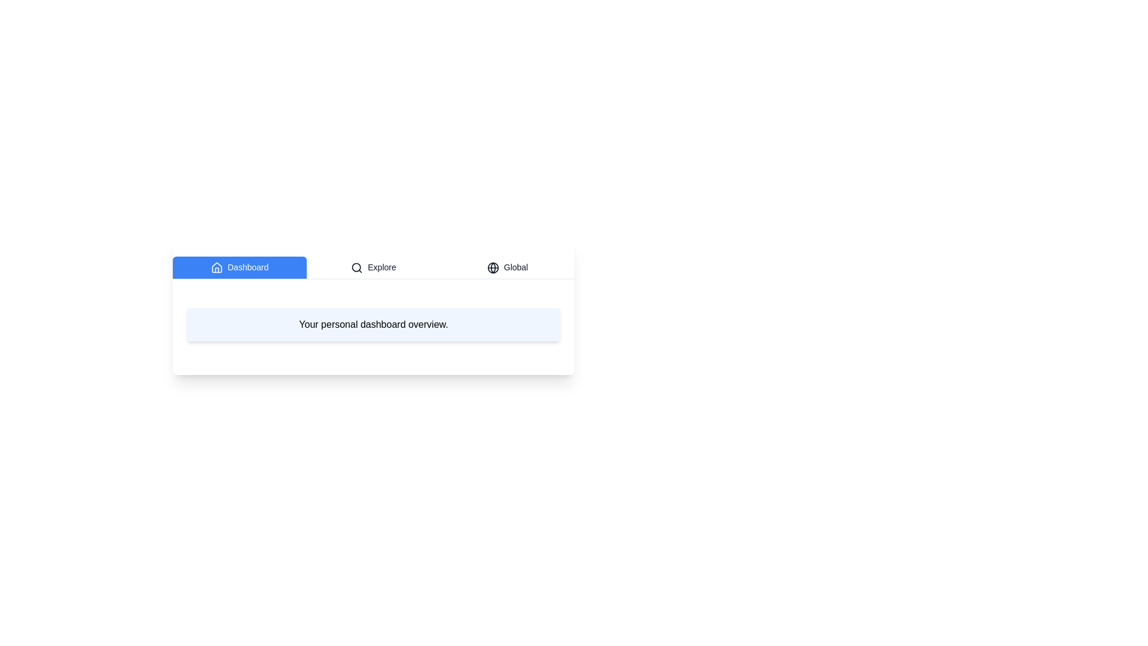 This screenshot has width=1148, height=646. Describe the element at coordinates (508, 267) in the screenshot. I see `the Global tab to read its content` at that location.